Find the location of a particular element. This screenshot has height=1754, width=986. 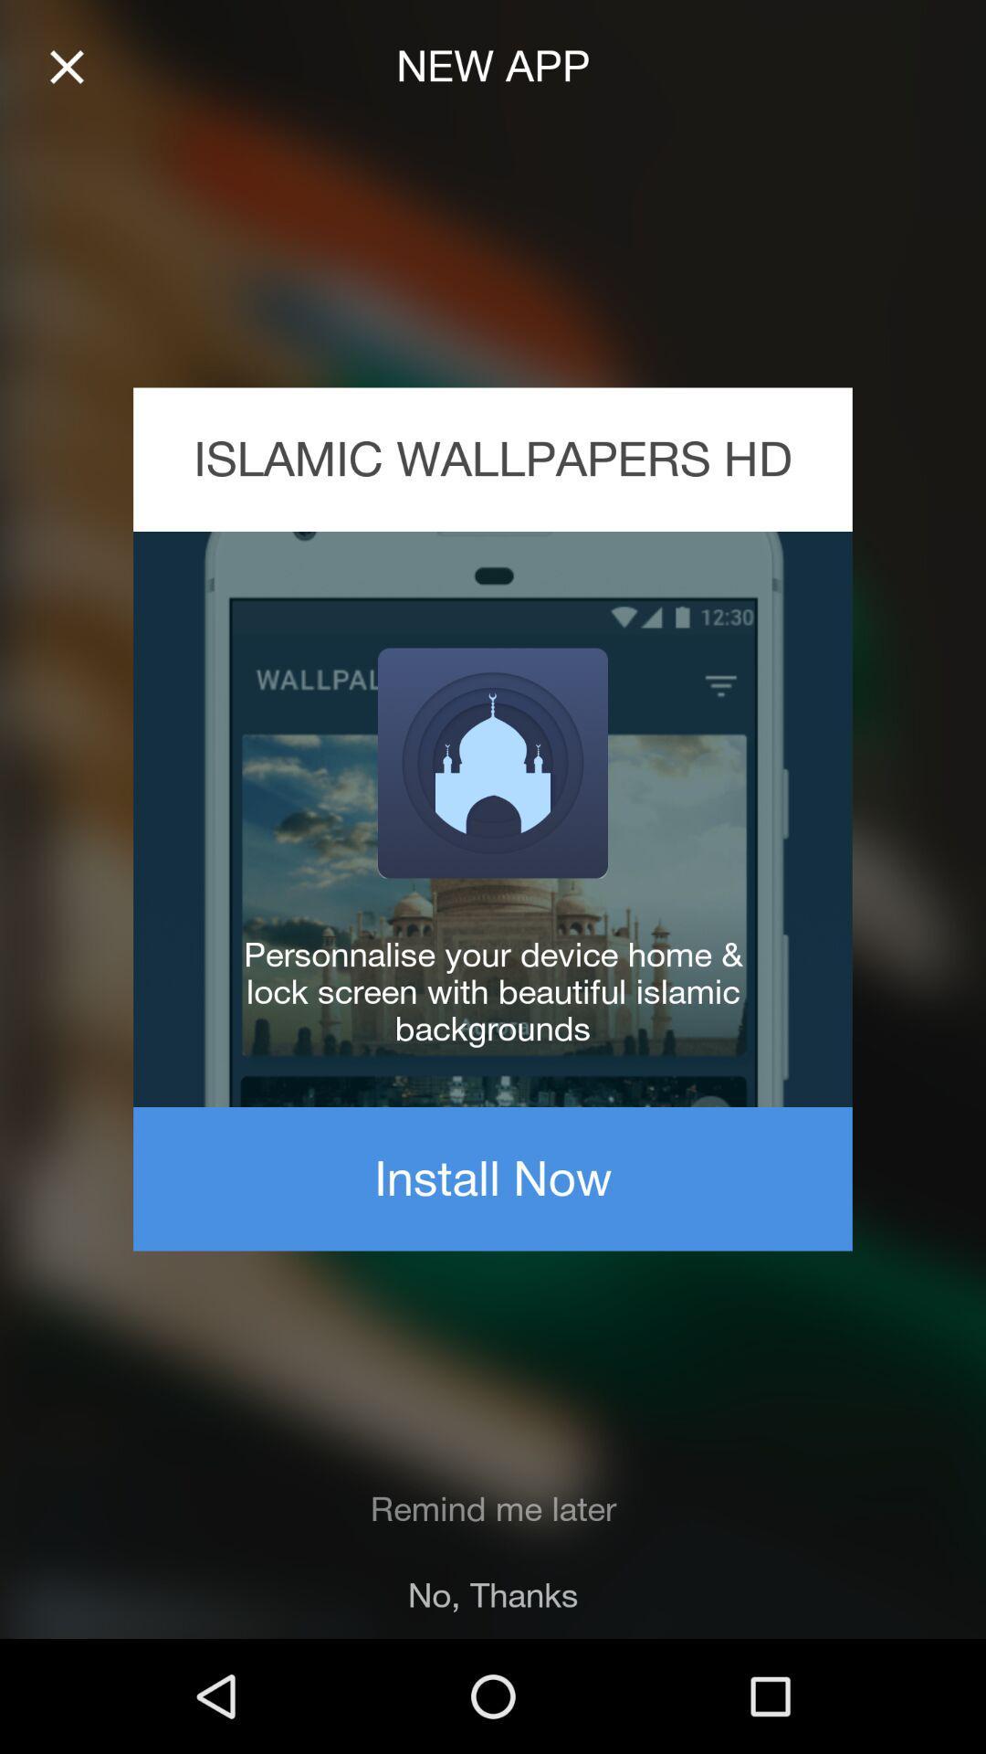

icon below remind me later is located at coordinates (493, 1594).